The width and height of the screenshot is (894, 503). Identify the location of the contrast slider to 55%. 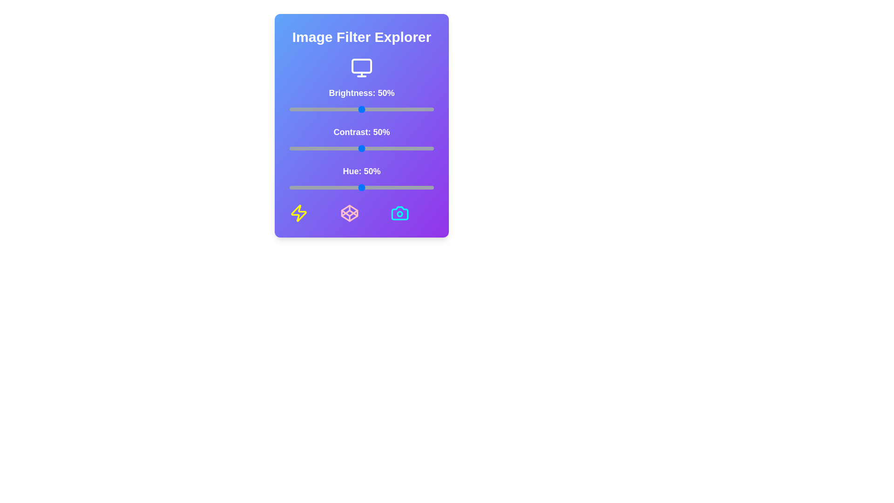
(368, 148).